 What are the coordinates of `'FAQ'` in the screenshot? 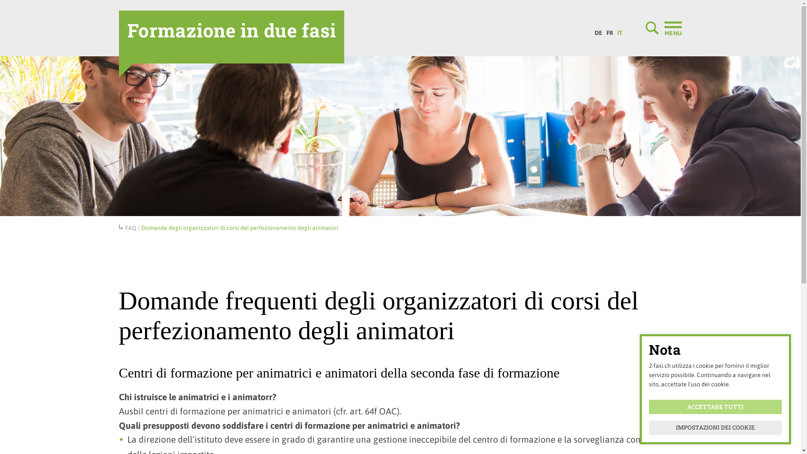 It's located at (130, 228).